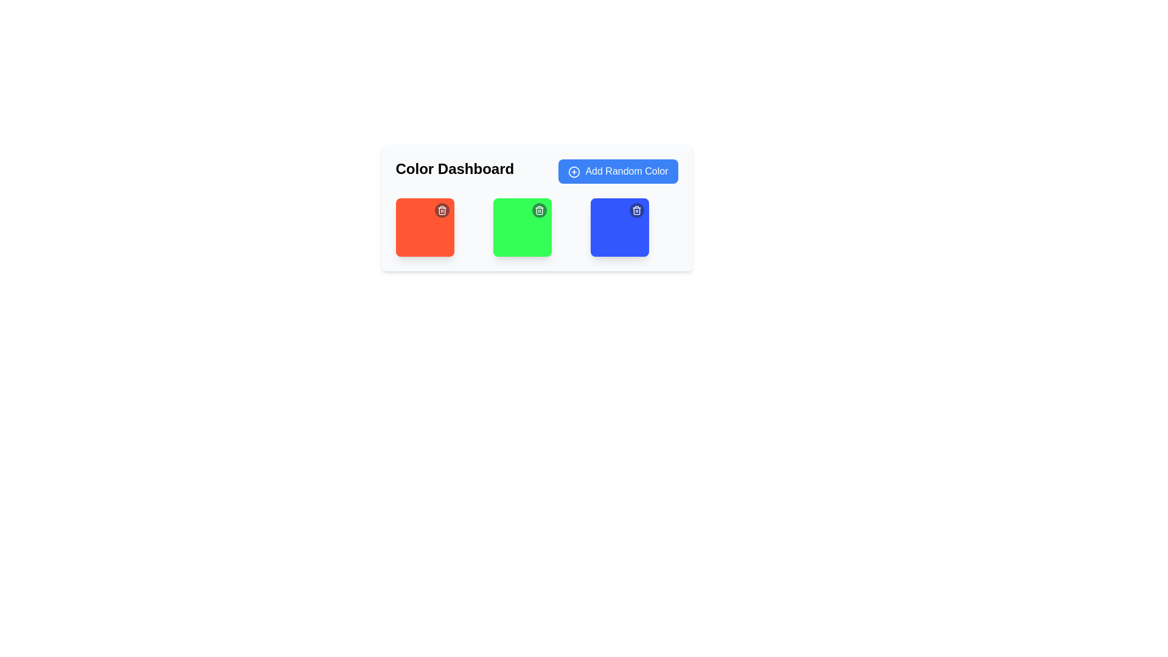 This screenshot has height=657, width=1168. What do you see at coordinates (538, 210) in the screenshot?
I see `the visual representation of the trash can icon, specifically the vertically oriented rectangle shape with rounded edges located in the lower right quadrant of the green box` at bounding box center [538, 210].